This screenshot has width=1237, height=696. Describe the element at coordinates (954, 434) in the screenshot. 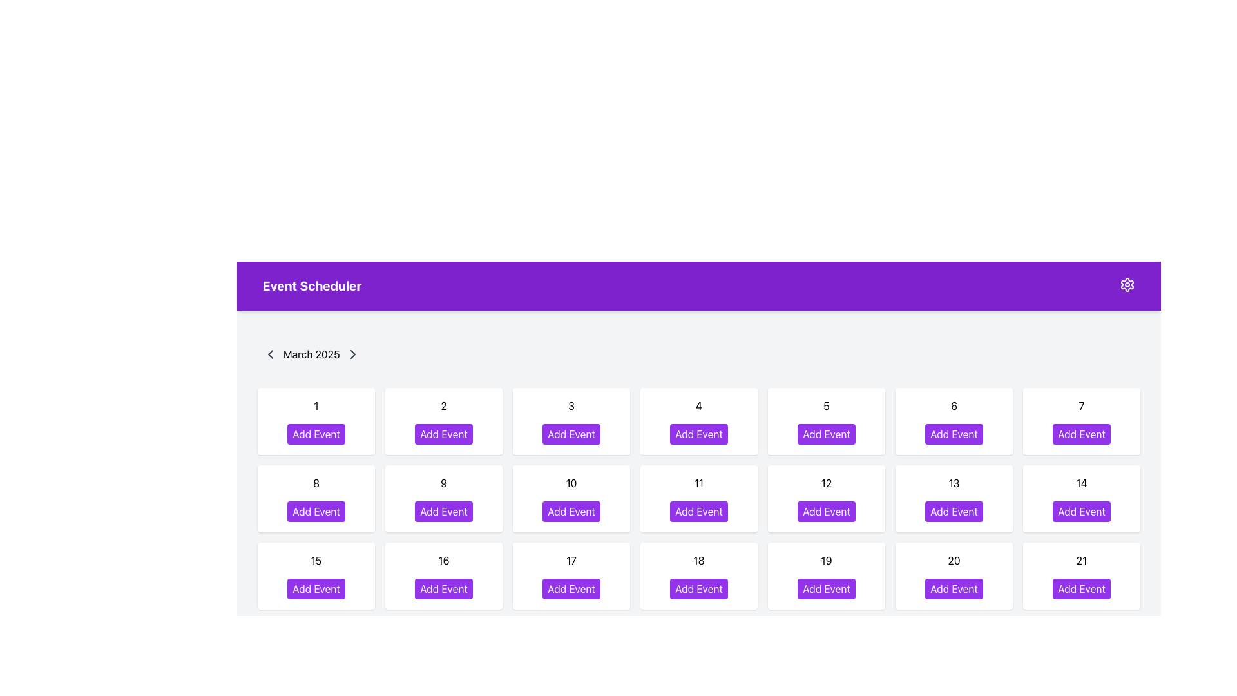

I see `keyboard navigation` at that location.